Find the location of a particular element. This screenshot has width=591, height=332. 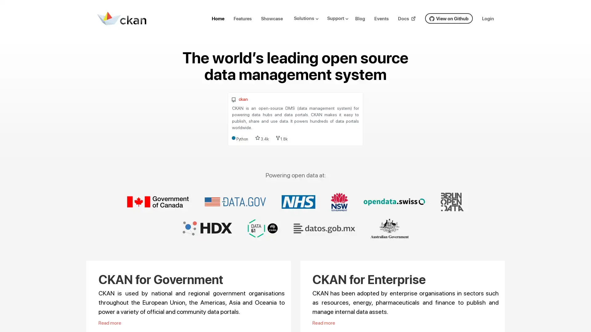

Solutions is located at coordinates (309, 18).